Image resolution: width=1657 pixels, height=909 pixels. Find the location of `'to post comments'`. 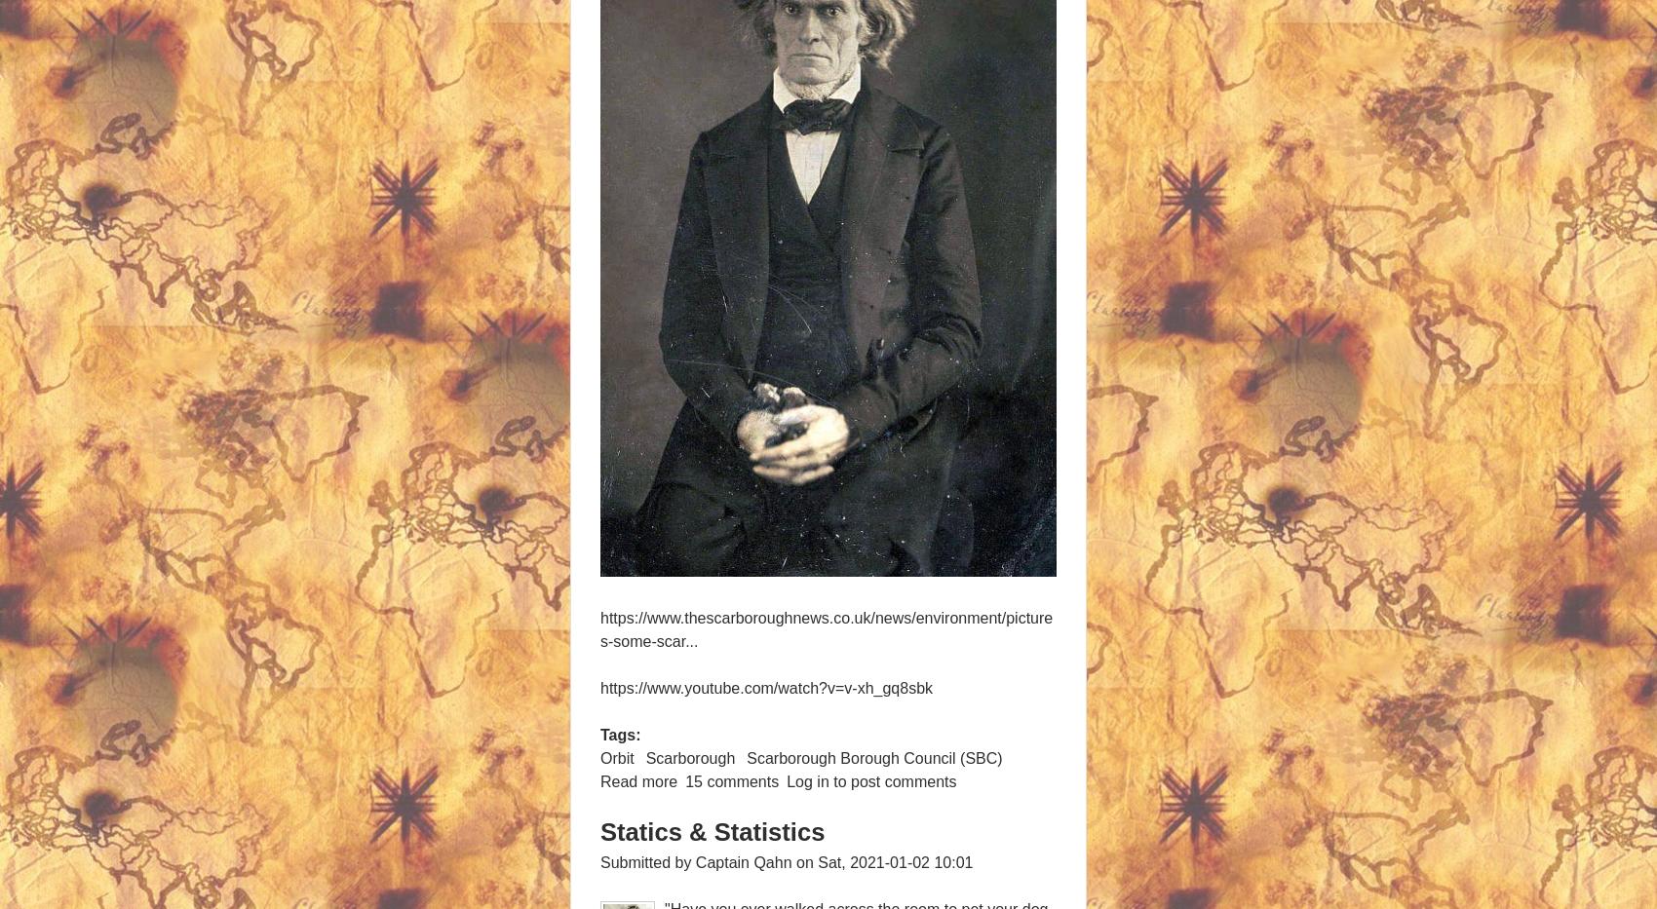

'to post comments' is located at coordinates (892, 781).